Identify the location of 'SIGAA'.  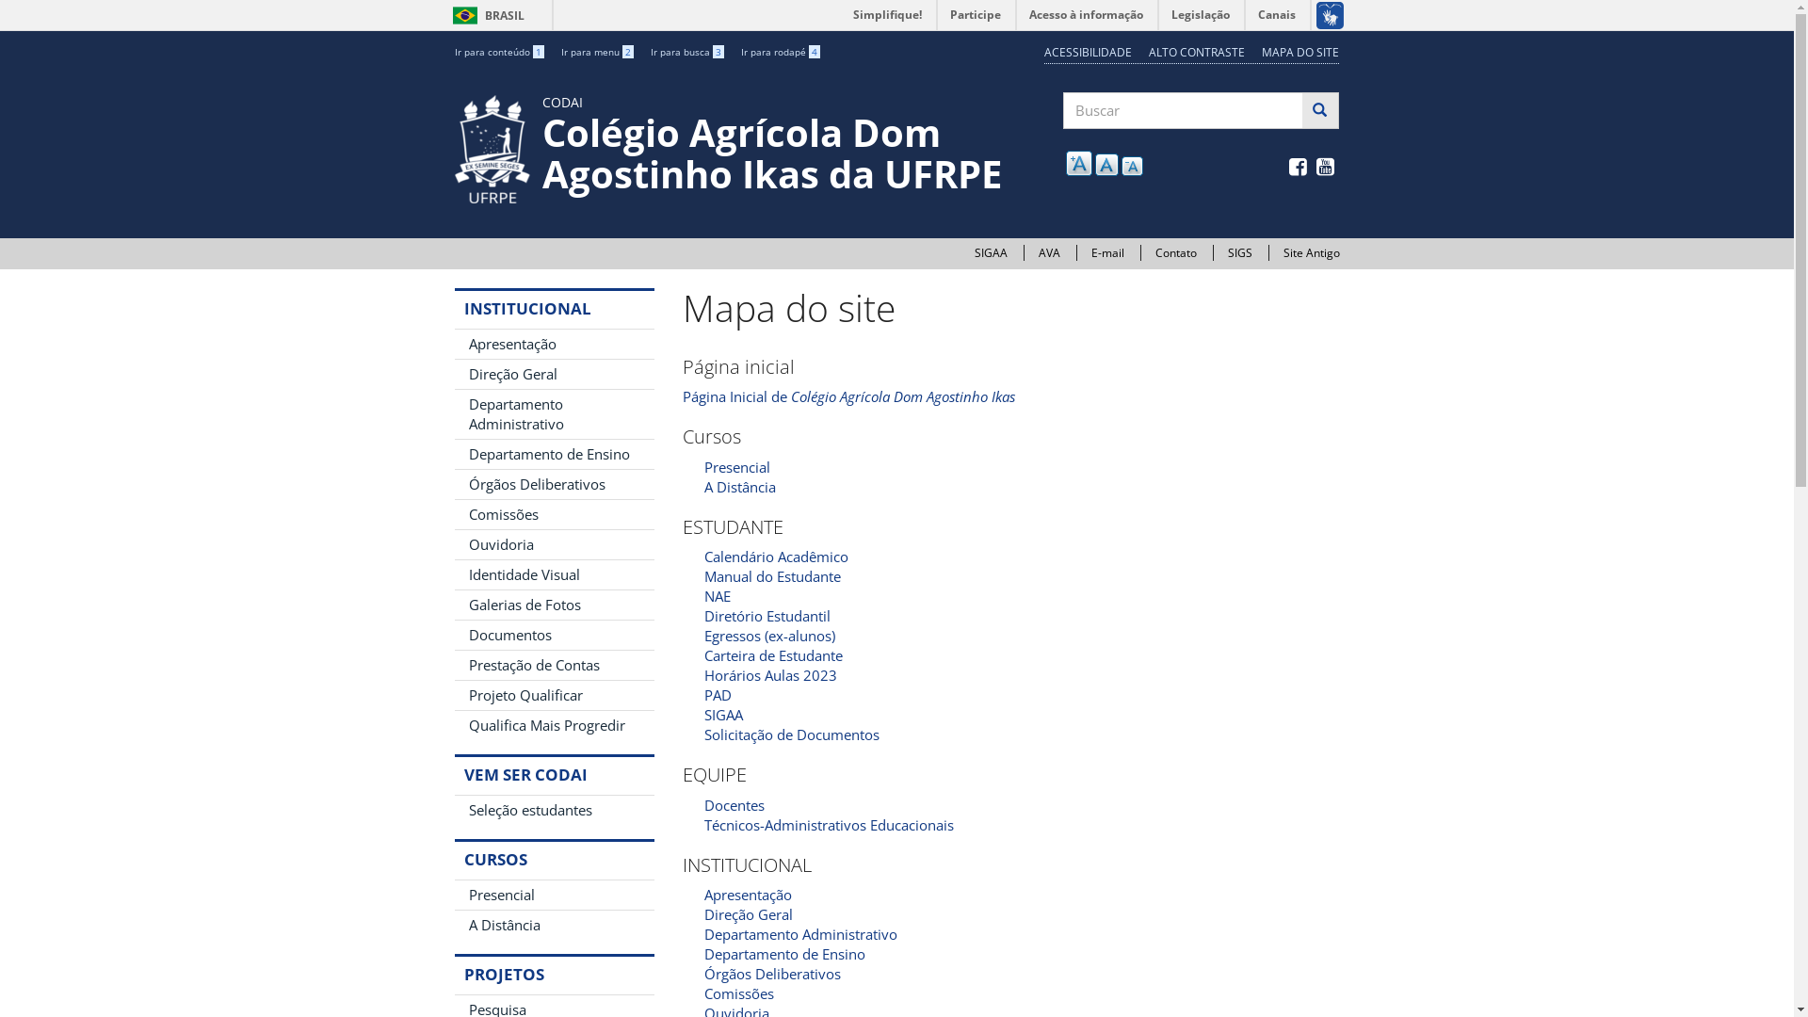
(703, 715).